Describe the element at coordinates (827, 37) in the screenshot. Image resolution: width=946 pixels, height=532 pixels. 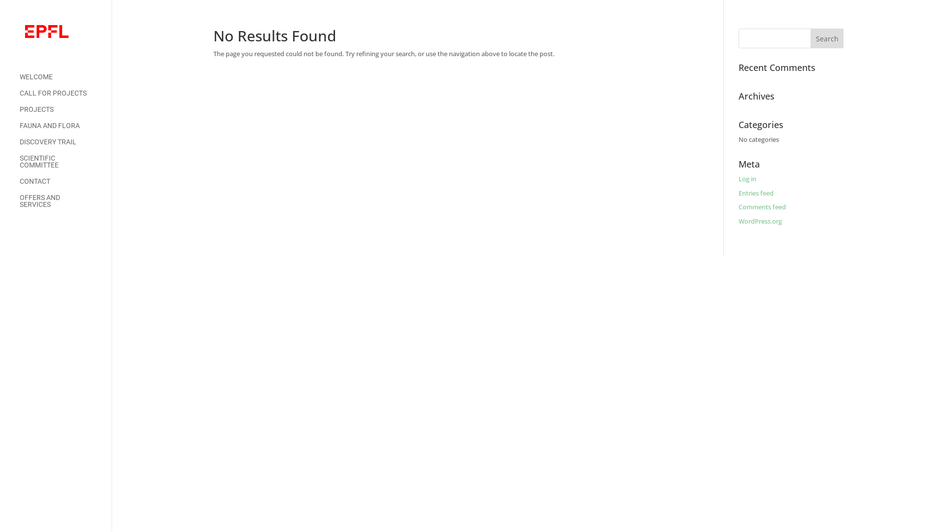
I see `'Search'` at that location.